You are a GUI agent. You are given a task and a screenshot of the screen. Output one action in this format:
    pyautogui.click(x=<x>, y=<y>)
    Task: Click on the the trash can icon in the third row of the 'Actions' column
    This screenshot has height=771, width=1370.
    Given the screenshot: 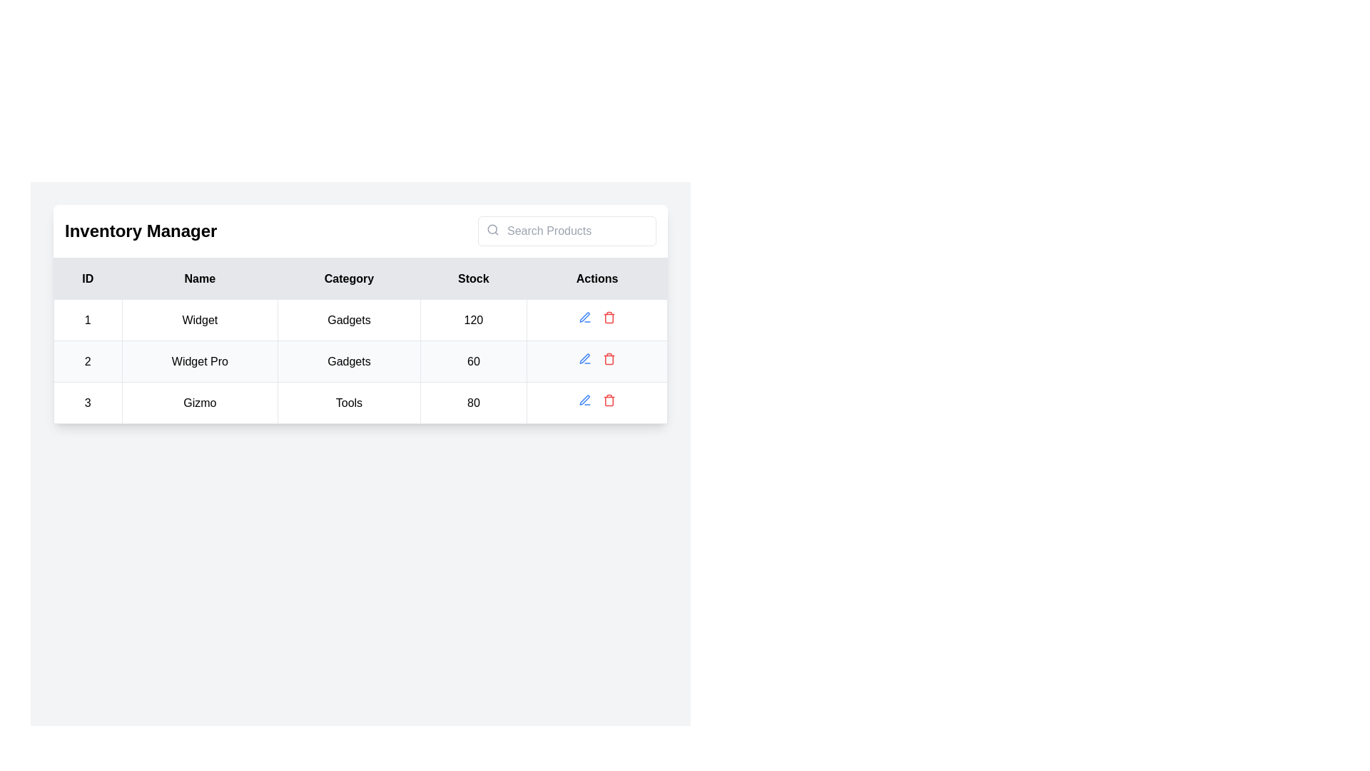 What is the action you would take?
    pyautogui.click(x=609, y=401)
    